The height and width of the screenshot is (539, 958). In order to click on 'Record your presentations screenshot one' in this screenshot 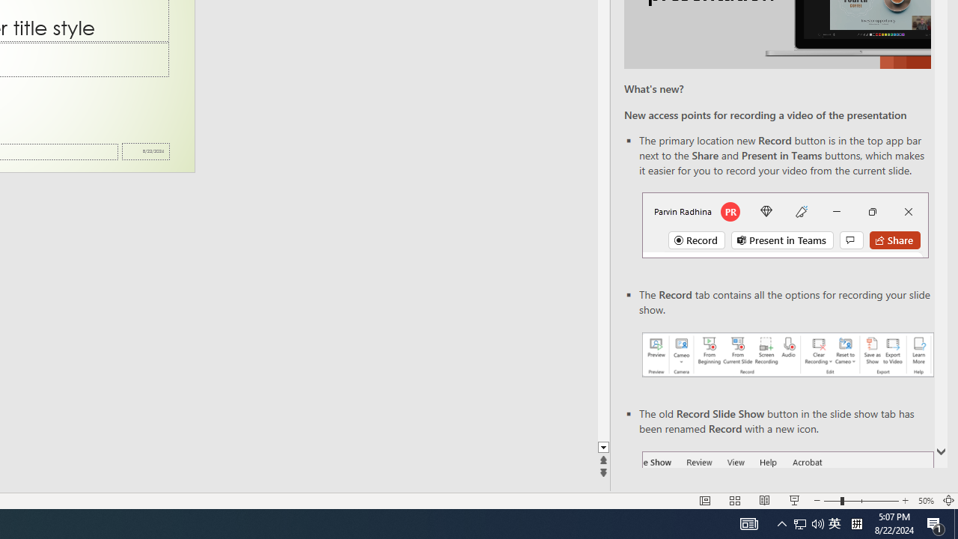, I will do `click(787, 355)`.